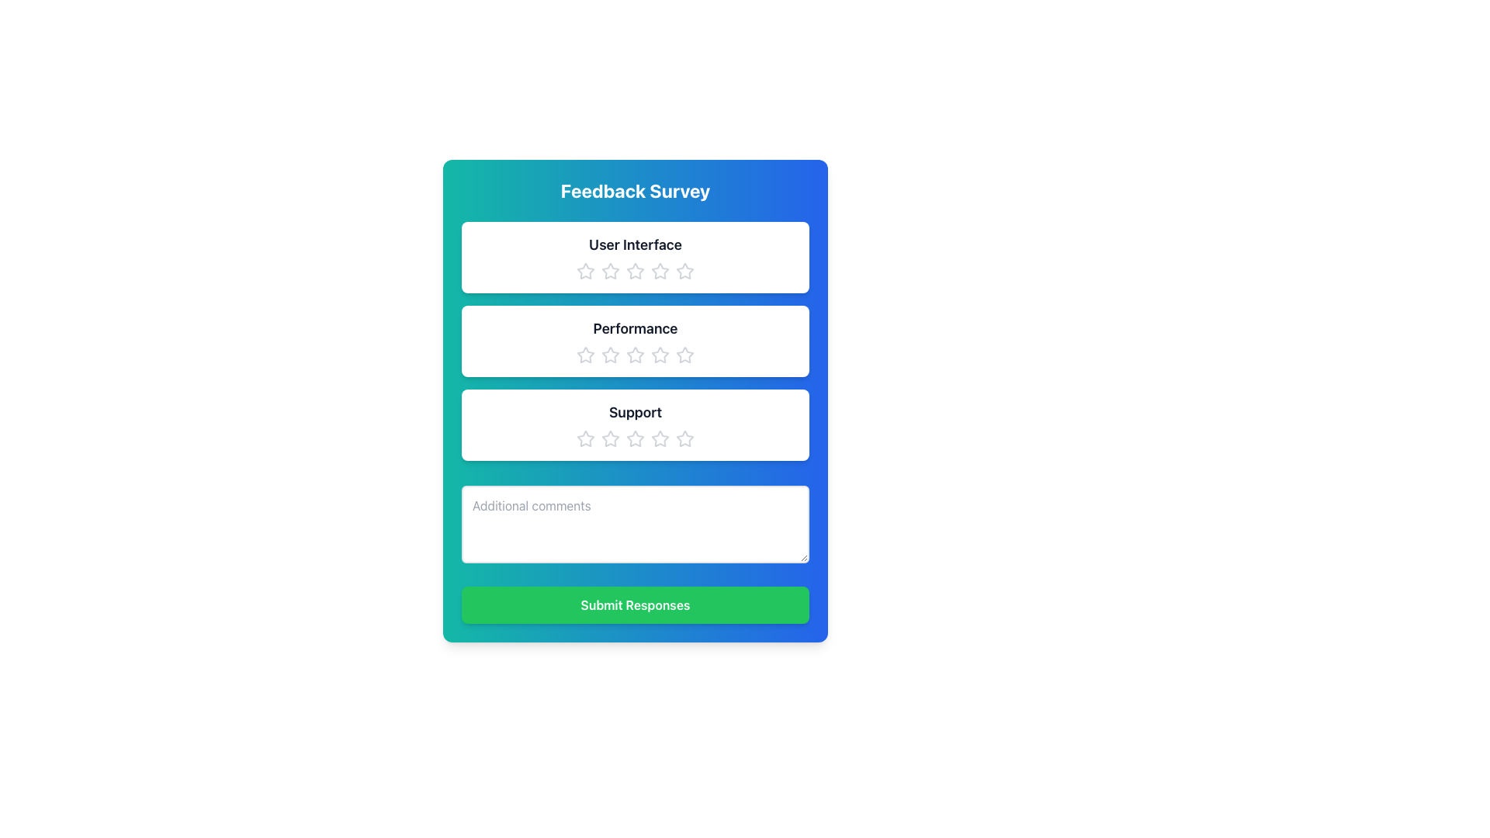 Image resolution: width=1490 pixels, height=838 pixels. I want to click on the first star in the Support rating section of the feedback survey, so click(584, 438).